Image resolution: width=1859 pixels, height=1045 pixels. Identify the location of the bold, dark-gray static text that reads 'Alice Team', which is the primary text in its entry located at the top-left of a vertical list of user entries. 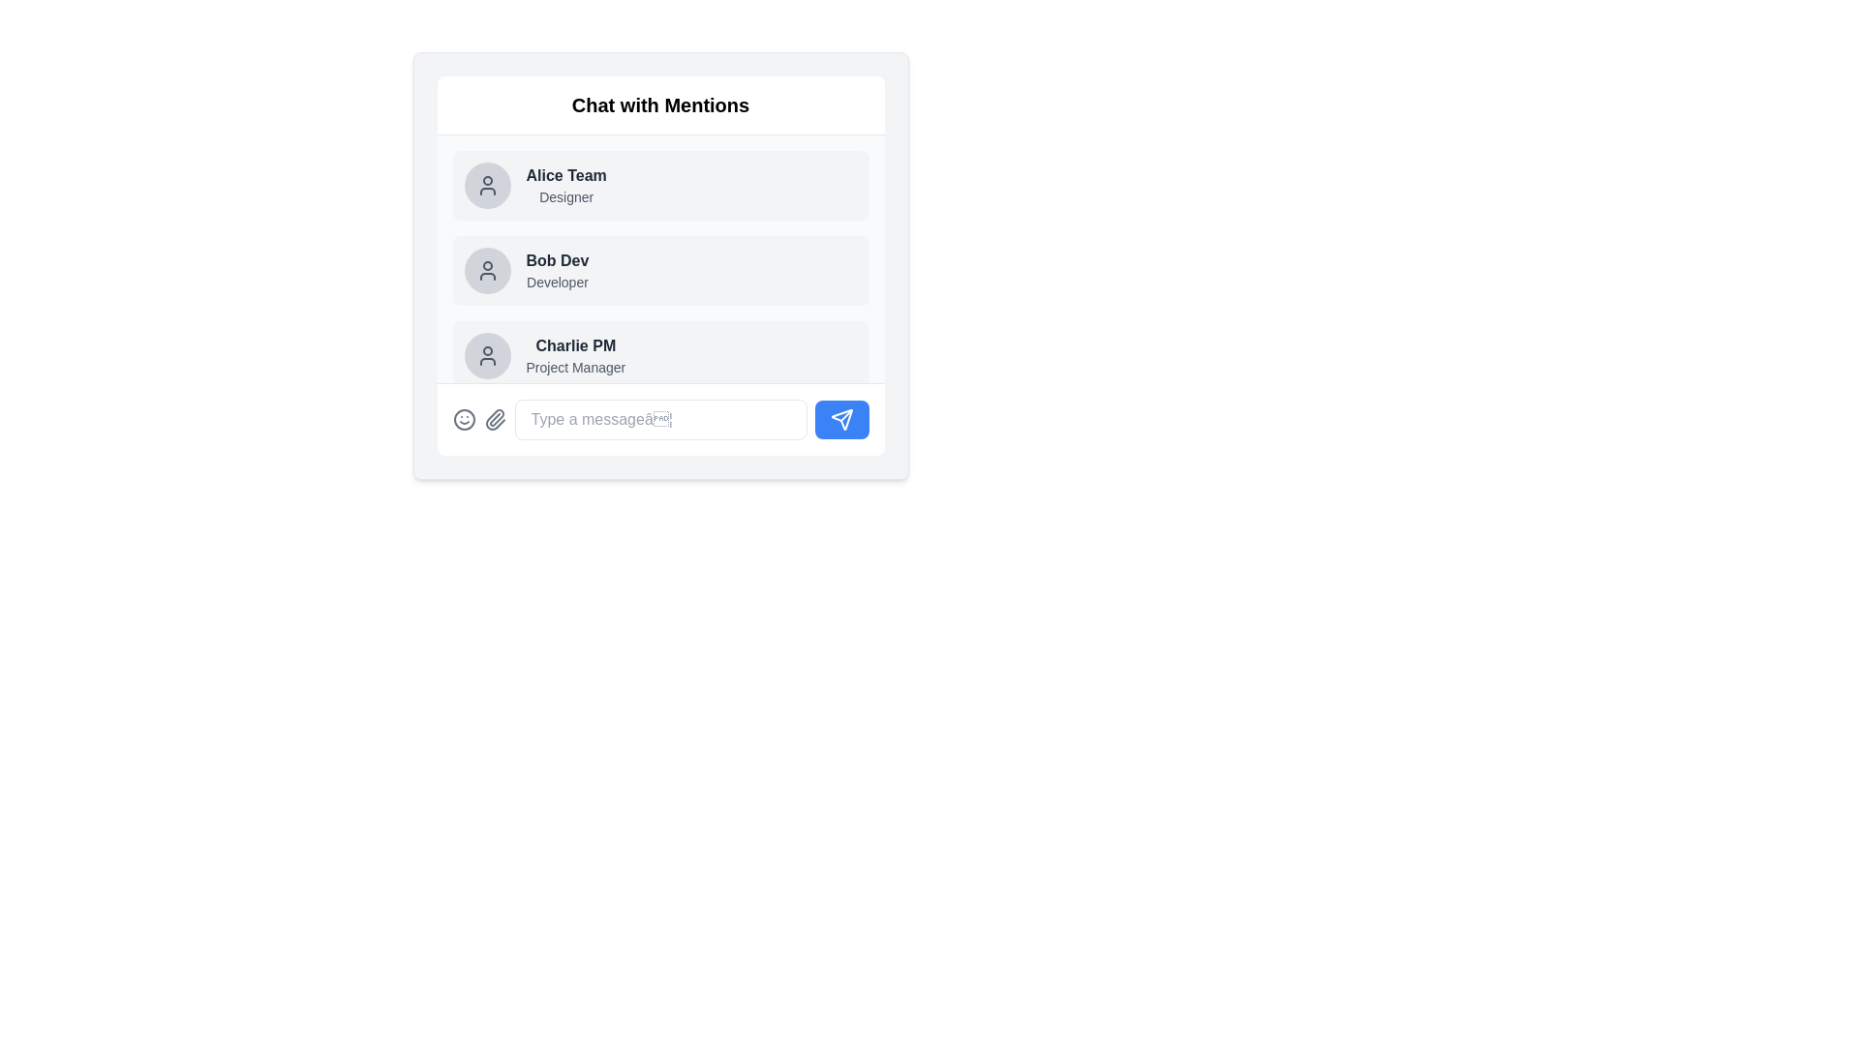
(565, 175).